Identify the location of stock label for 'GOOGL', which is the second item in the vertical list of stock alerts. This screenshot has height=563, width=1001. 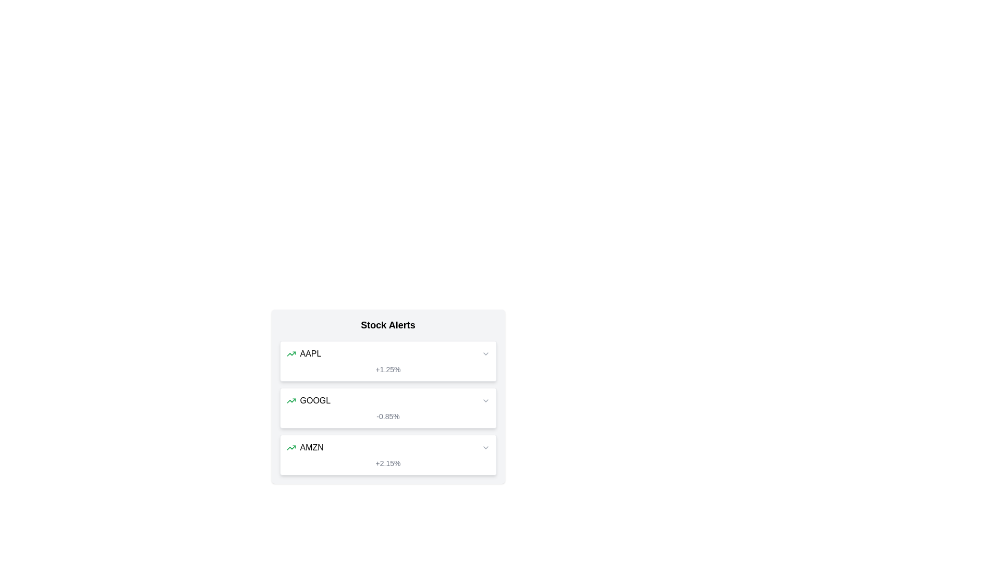
(308, 400).